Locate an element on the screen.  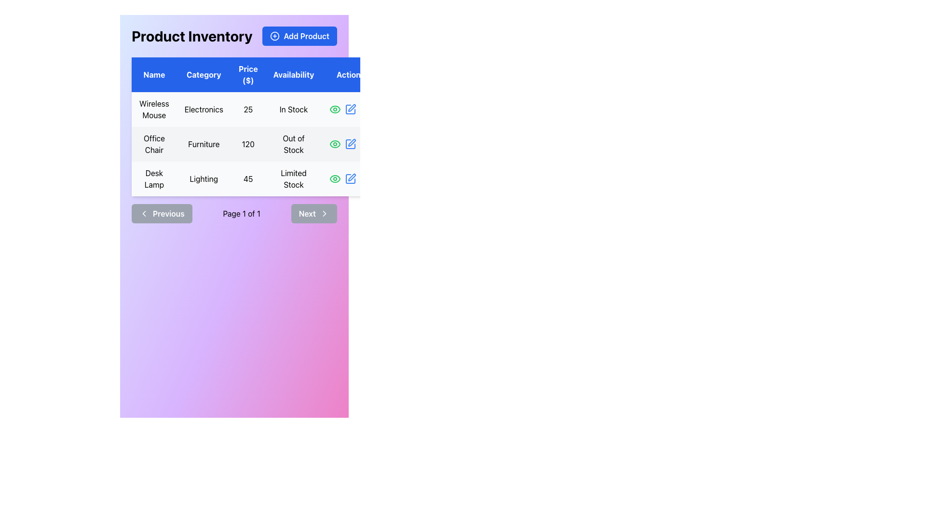
the Icon Section for the 'Office Chair' item, located in the fifth column of the table, to the right of the 'Out of Stock' text is located at coordinates (350, 144).